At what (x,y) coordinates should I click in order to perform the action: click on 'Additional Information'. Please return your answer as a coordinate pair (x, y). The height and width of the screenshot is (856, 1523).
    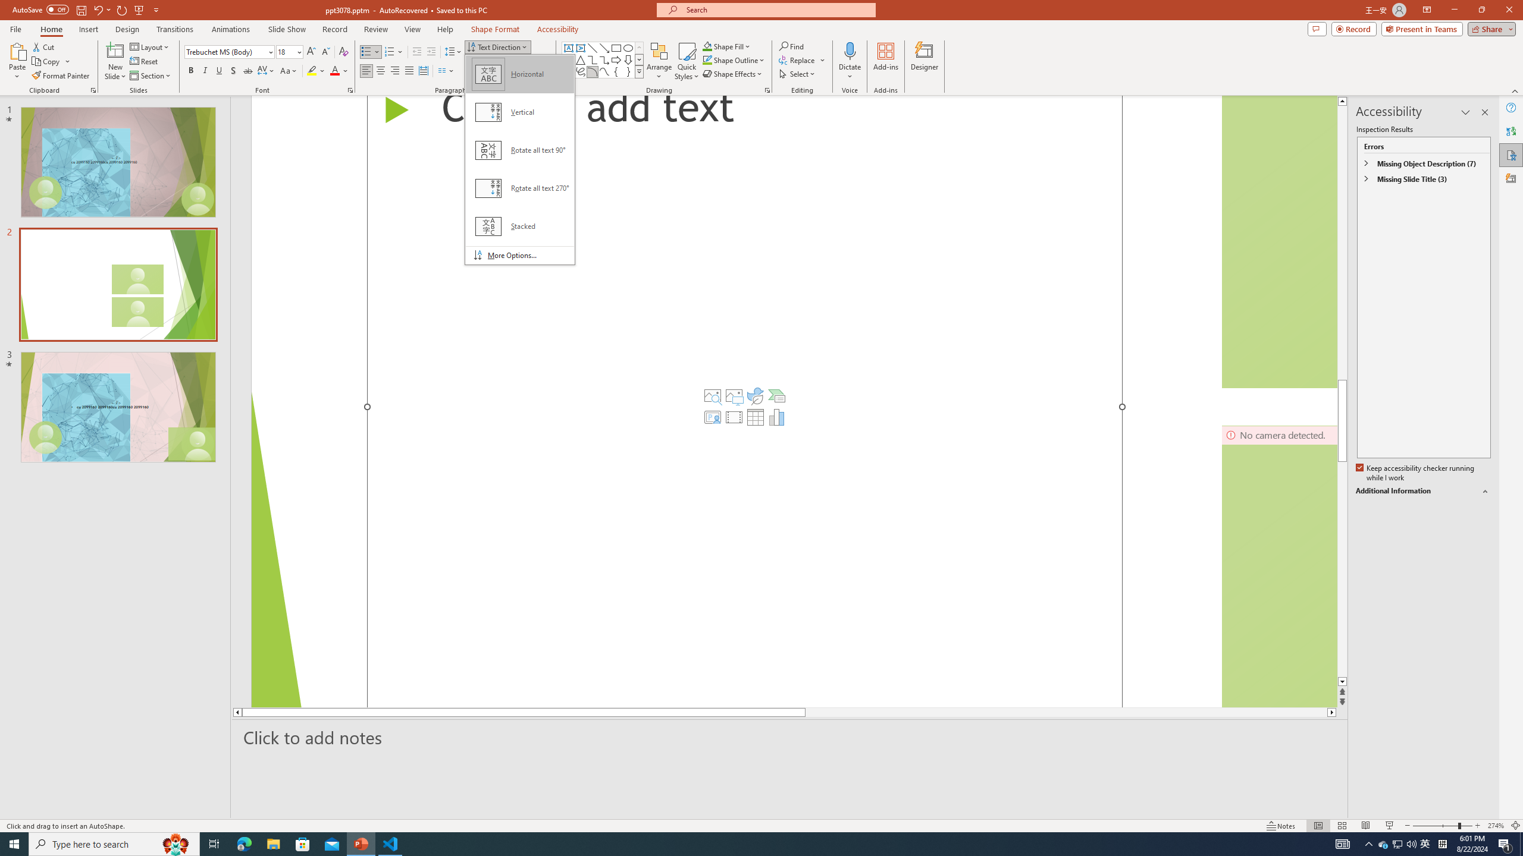
    Looking at the image, I should click on (1423, 491).